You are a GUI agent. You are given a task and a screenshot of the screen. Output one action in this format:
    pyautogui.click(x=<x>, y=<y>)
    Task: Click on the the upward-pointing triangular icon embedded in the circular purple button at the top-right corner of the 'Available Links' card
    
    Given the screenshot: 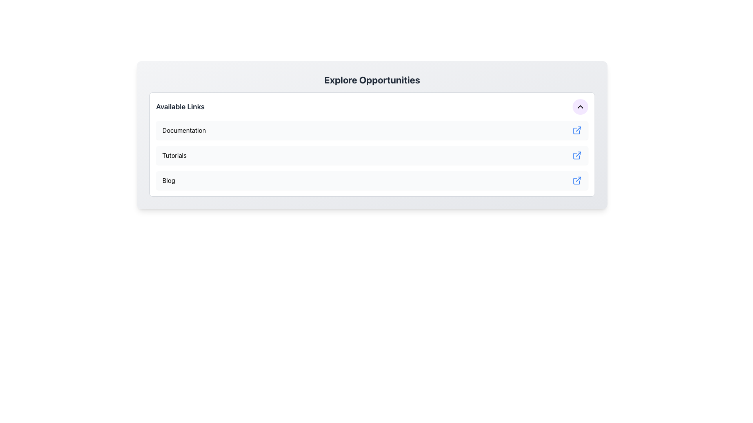 What is the action you would take?
    pyautogui.click(x=580, y=107)
    